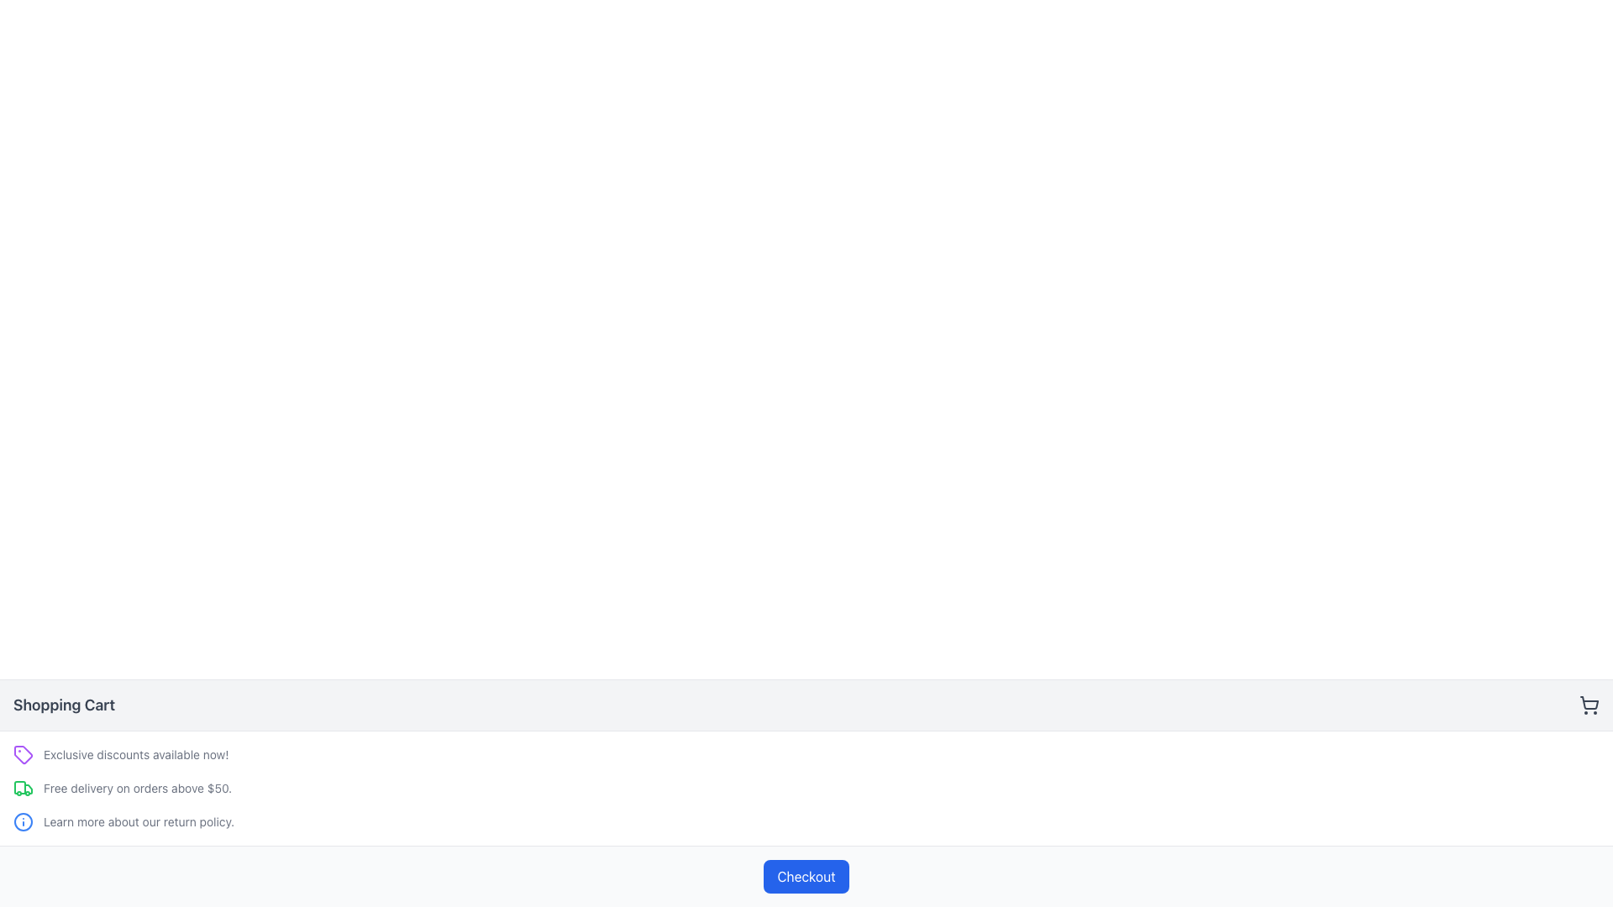  Describe the element at coordinates (24, 821) in the screenshot. I see `the information indicator icon located to the left of the text 'Learn more about our return policy'` at that location.